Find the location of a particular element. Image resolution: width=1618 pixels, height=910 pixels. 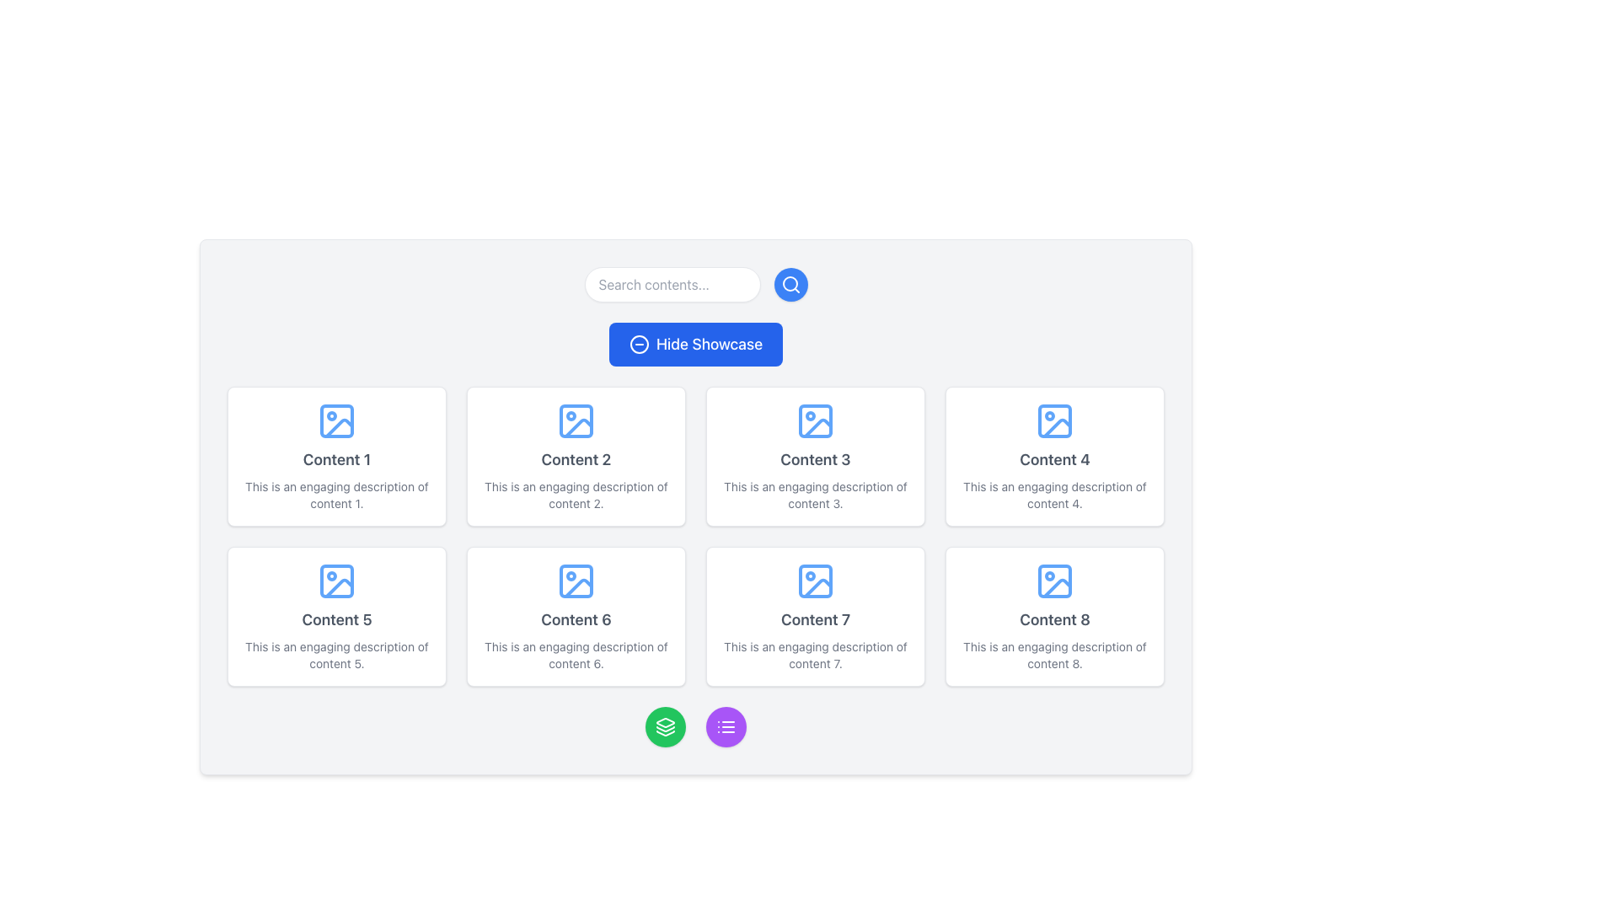

the magnifying glass icon within the rounded blue button to initiate a search is located at coordinates (790, 284).